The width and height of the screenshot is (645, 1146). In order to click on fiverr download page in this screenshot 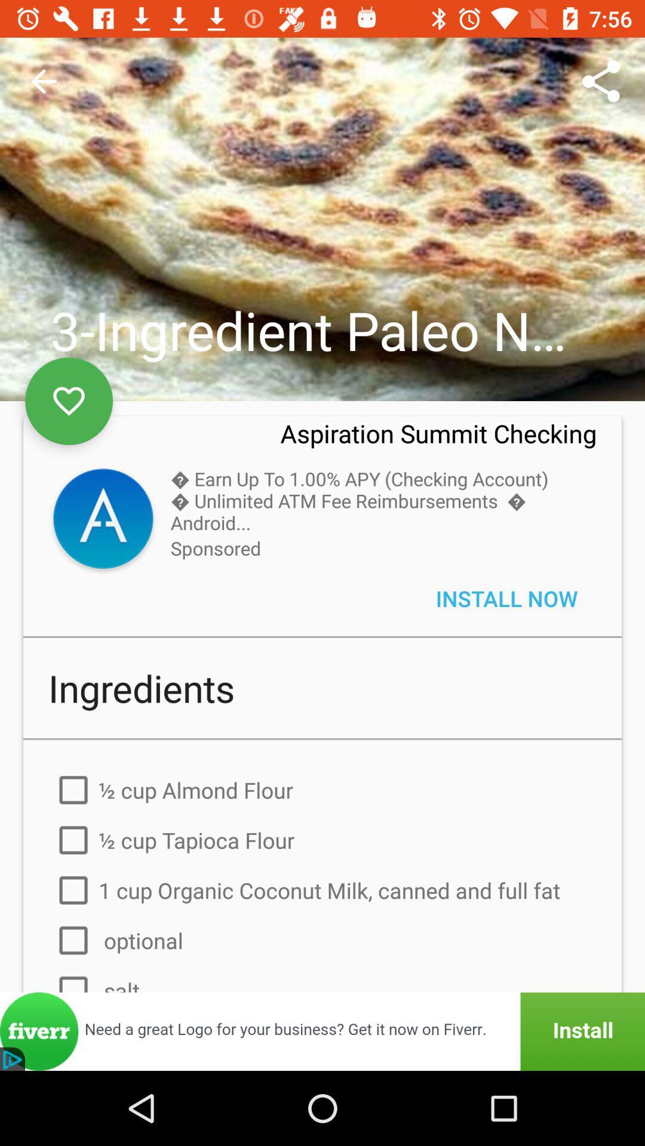, I will do `click(322, 1031)`.